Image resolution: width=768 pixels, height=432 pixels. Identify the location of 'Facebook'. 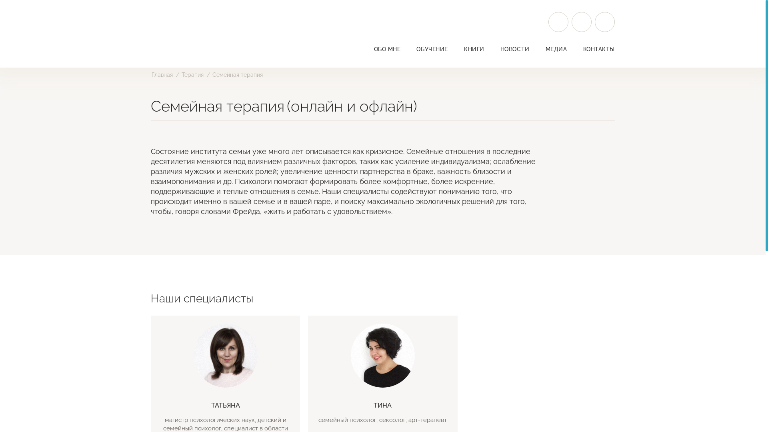
(582, 21).